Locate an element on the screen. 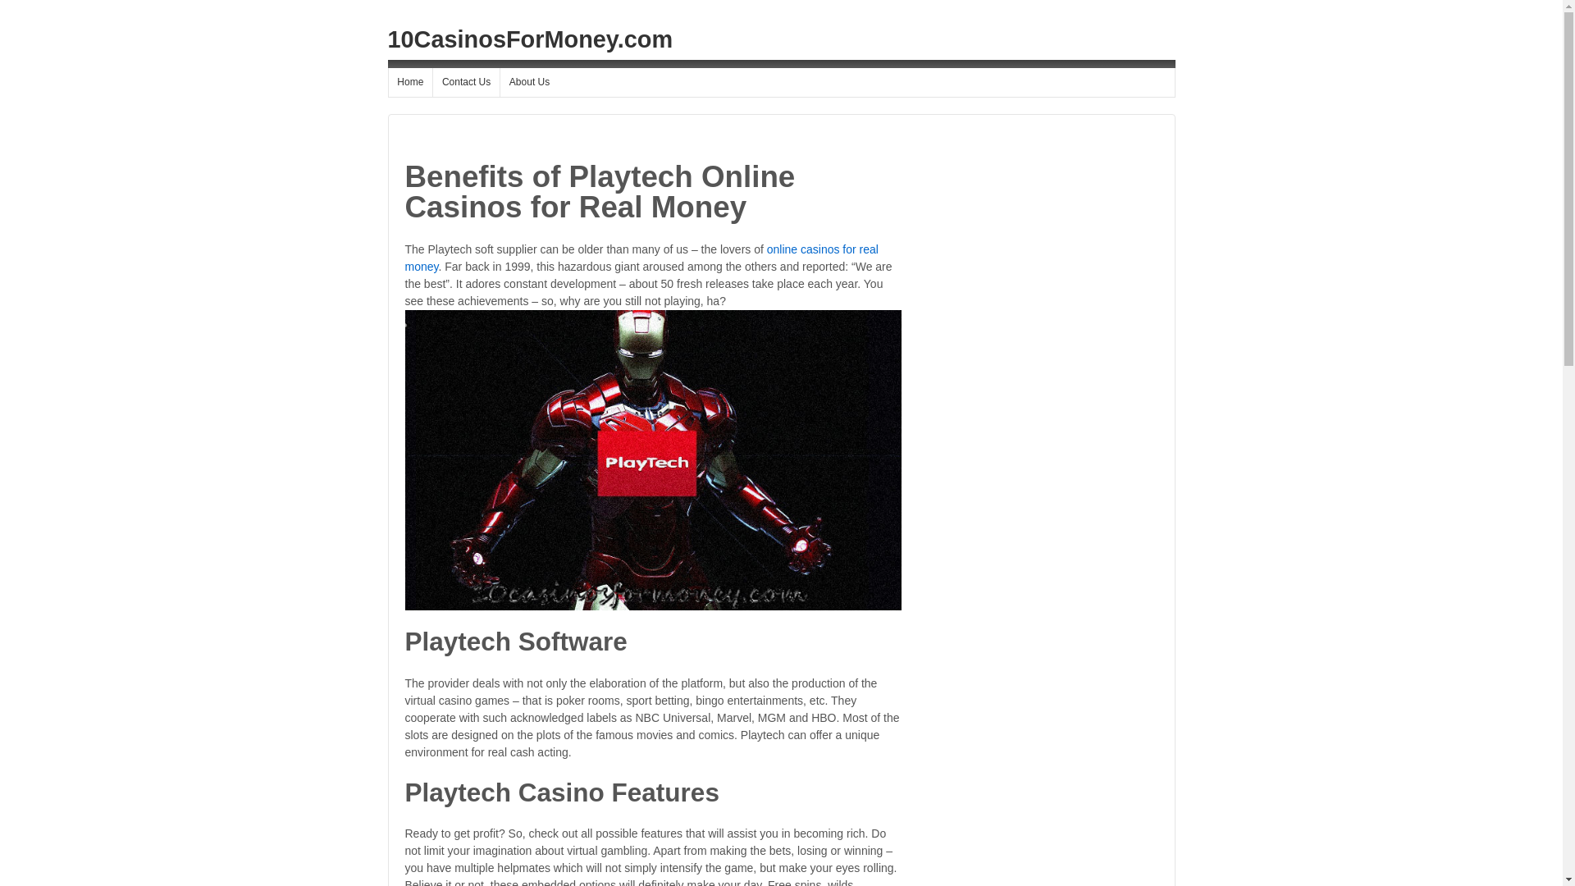  'Contact Us' is located at coordinates (464, 82).